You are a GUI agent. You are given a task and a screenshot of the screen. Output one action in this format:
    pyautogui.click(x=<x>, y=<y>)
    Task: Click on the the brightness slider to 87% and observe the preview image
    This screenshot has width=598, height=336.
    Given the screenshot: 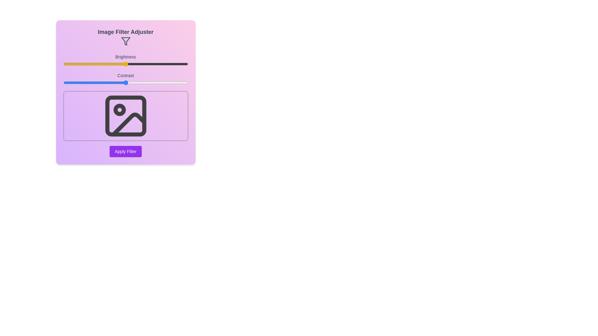 What is the action you would take?
    pyautogui.click(x=172, y=64)
    